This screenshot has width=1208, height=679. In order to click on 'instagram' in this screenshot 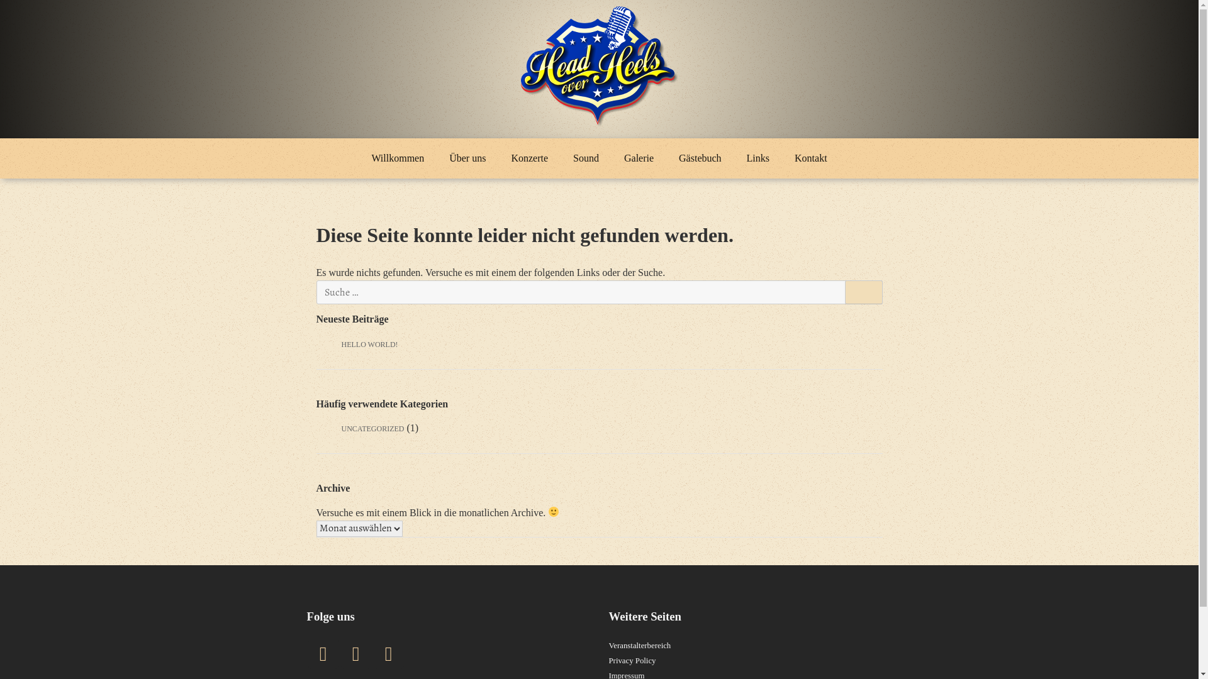, I will do `click(352, 653)`.